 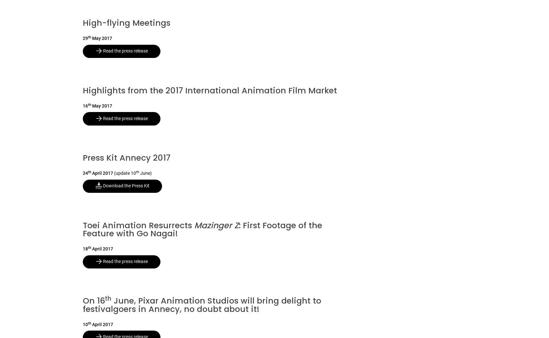 What do you see at coordinates (145, 173) in the screenshot?
I see `'June)'` at bounding box center [145, 173].